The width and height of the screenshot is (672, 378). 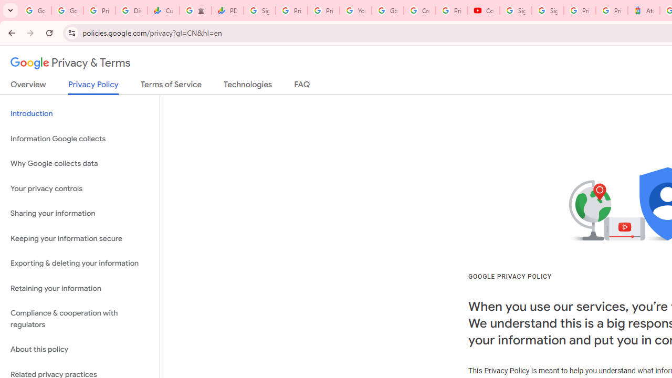 I want to click on 'Compliance & cooperation with regulators', so click(x=79, y=319).